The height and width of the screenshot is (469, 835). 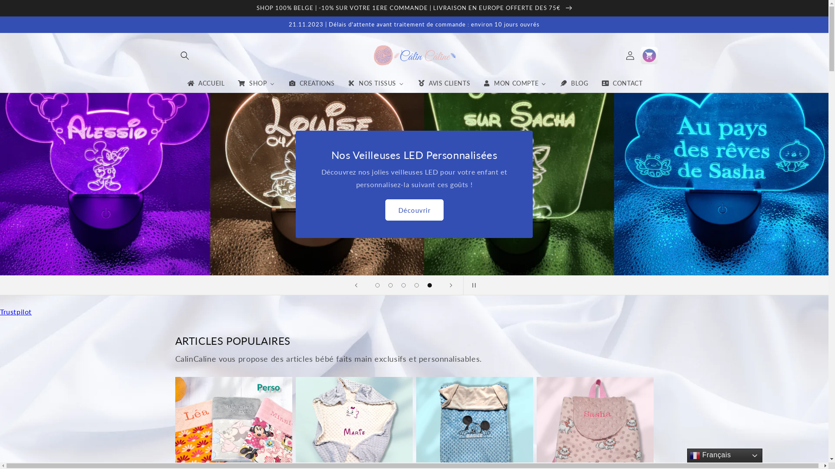 What do you see at coordinates (376, 83) in the screenshot?
I see `'NOS TISSUS'` at bounding box center [376, 83].